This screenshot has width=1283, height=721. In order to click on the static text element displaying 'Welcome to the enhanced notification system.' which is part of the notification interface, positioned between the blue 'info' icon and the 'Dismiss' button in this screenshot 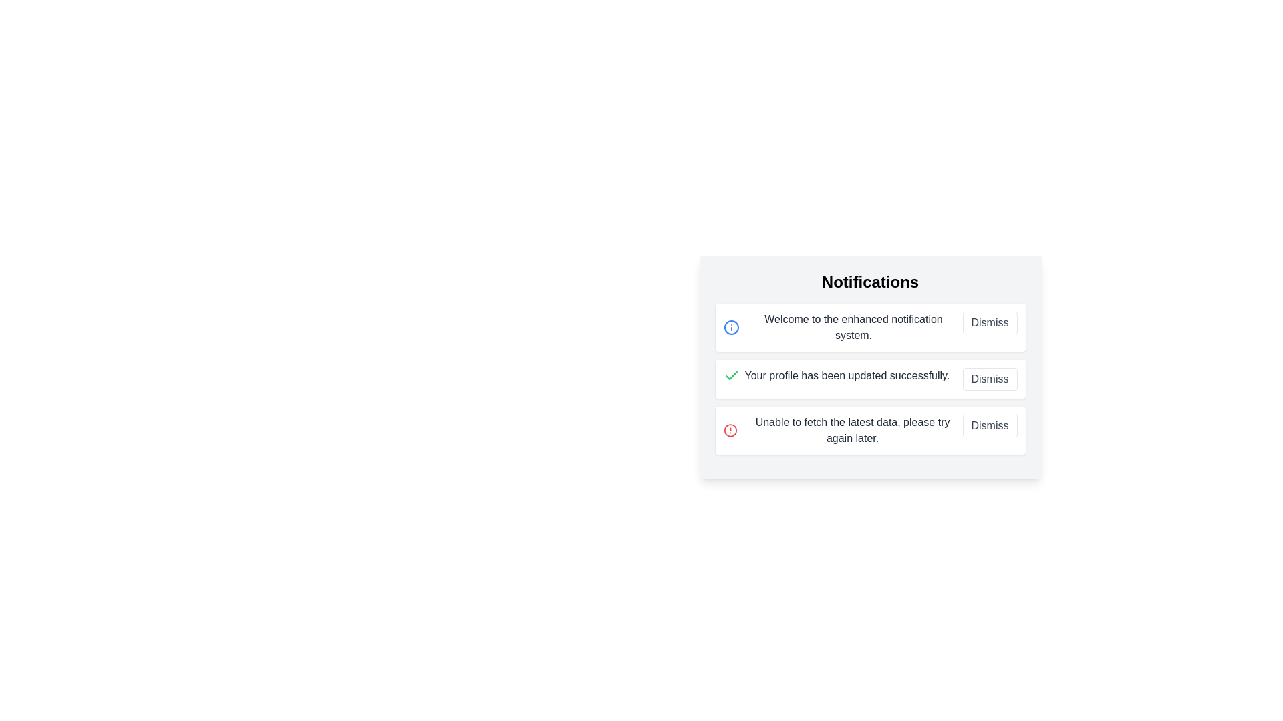, I will do `click(853, 327)`.